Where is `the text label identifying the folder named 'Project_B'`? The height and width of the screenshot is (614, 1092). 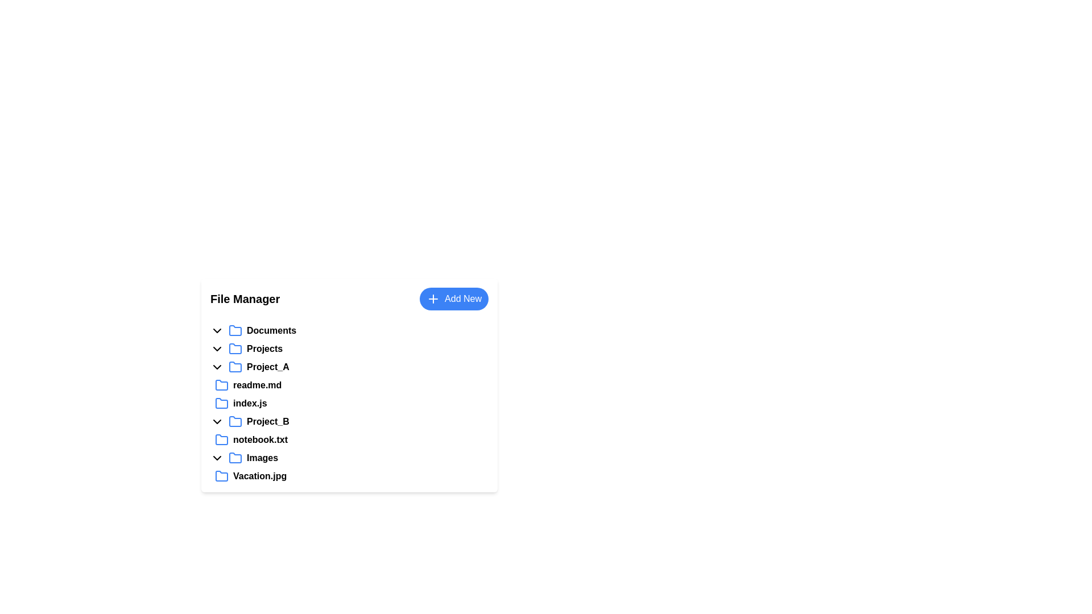
the text label identifying the folder named 'Project_B' is located at coordinates (267, 421).